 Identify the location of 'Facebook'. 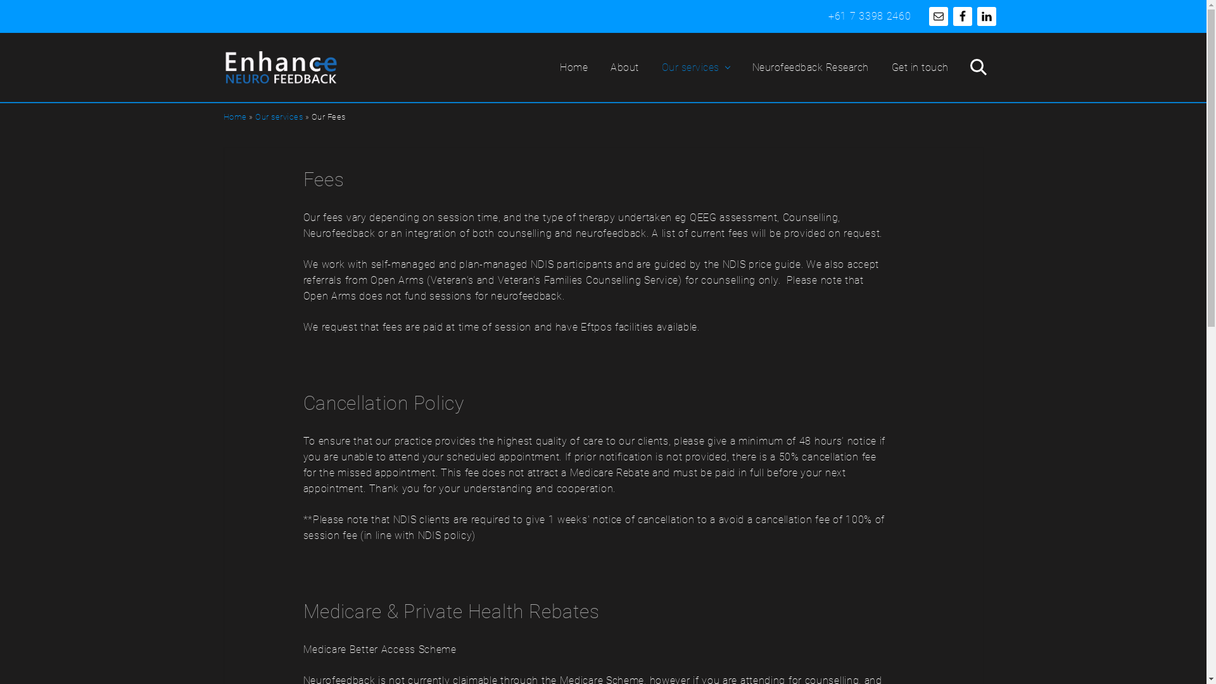
(961, 16).